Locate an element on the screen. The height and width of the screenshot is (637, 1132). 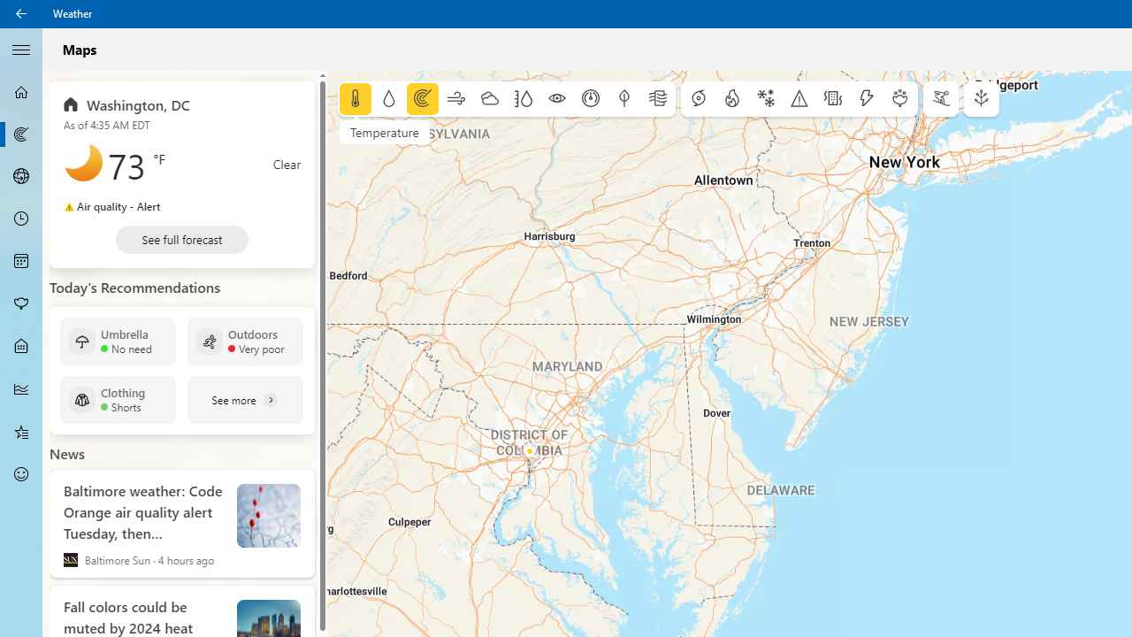
'Monthly Forecast - Not Selected' is located at coordinates (21, 261).